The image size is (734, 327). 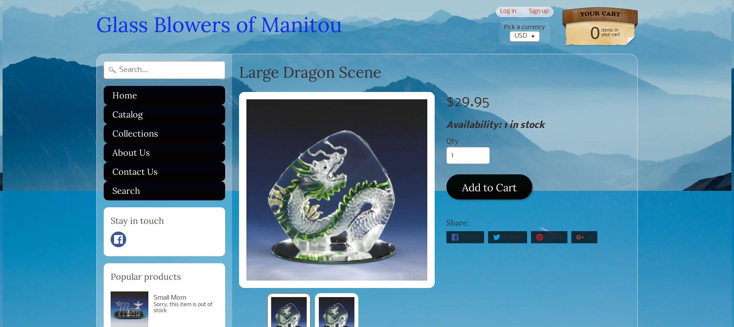 What do you see at coordinates (524, 27) in the screenshot?
I see `'Pick a currency'` at bounding box center [524, 27].